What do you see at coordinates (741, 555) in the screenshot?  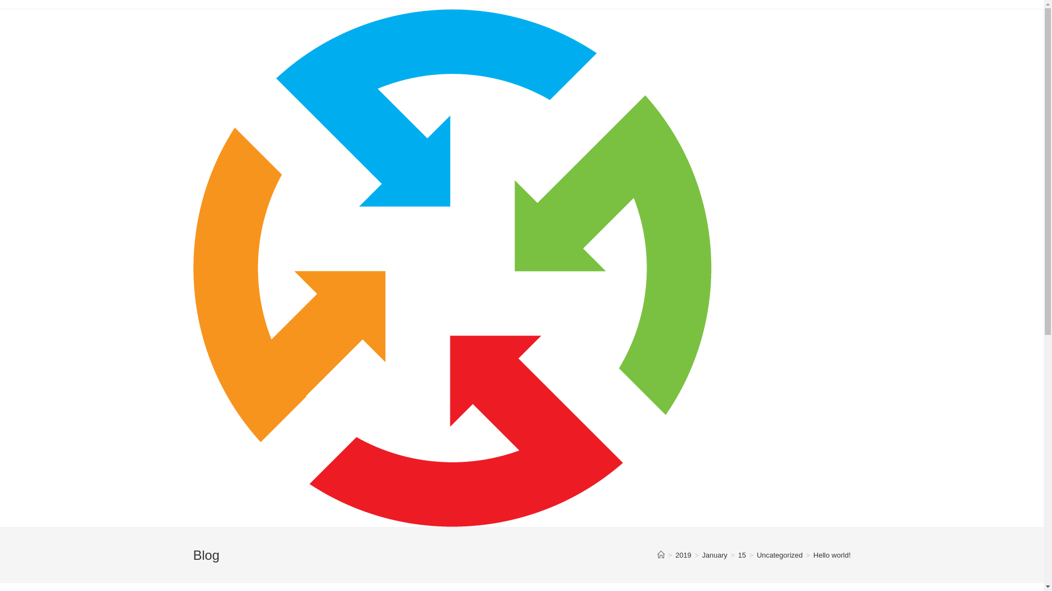 I see `'15'` at bounding box center [741, 555].